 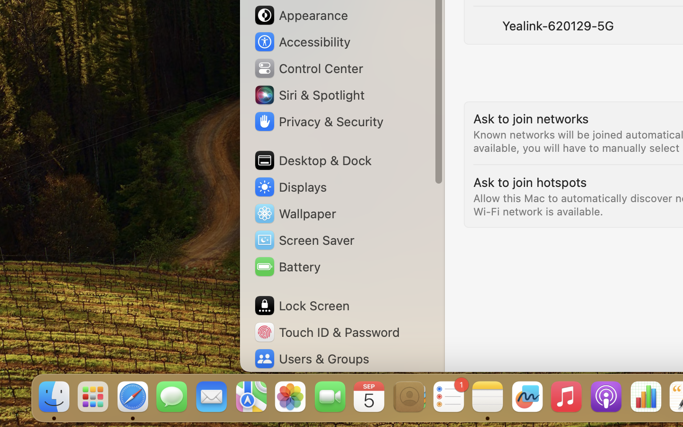 I want to click on 'Accessibility', so click(x=302, y=41).